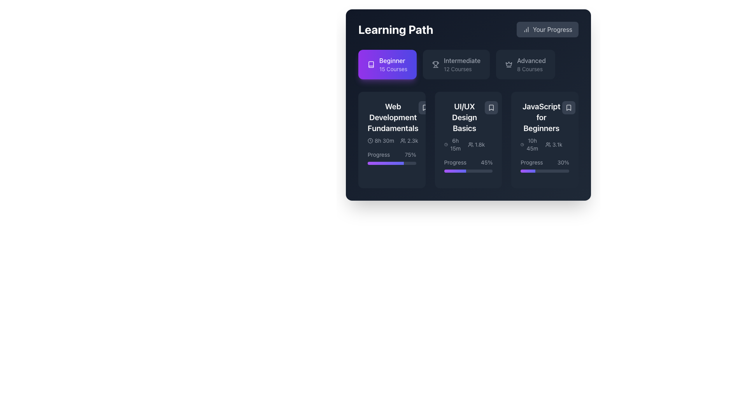 This screenshot has height=420, width=747. Describe the element at coordinates (403, 141) in the screenshot. I see `the icon representing the metric associated with the 'Web Development Fundamentals' card in the Beginner course section` at that location.